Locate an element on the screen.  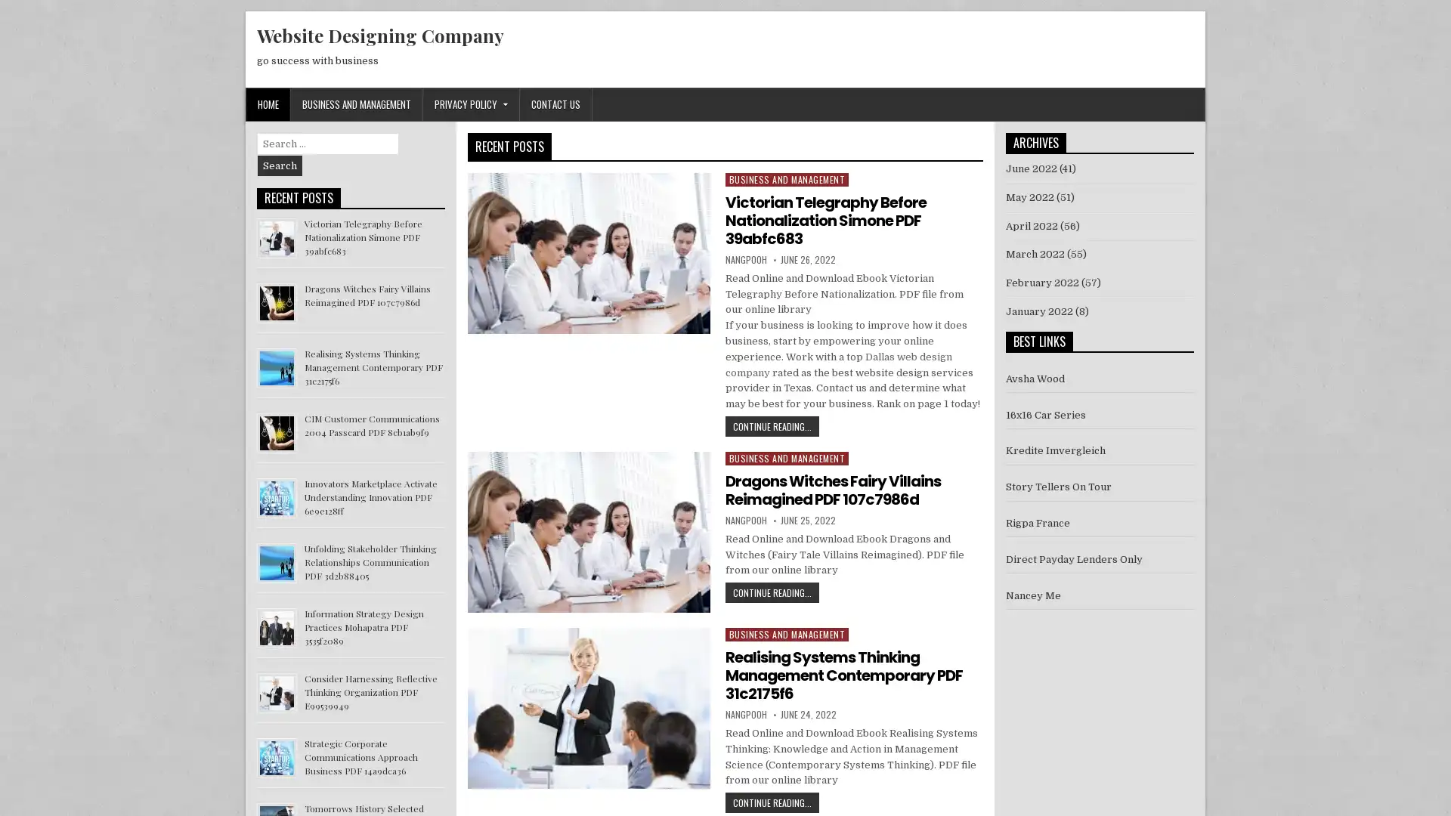
Search is located at coordinates (280, 165).